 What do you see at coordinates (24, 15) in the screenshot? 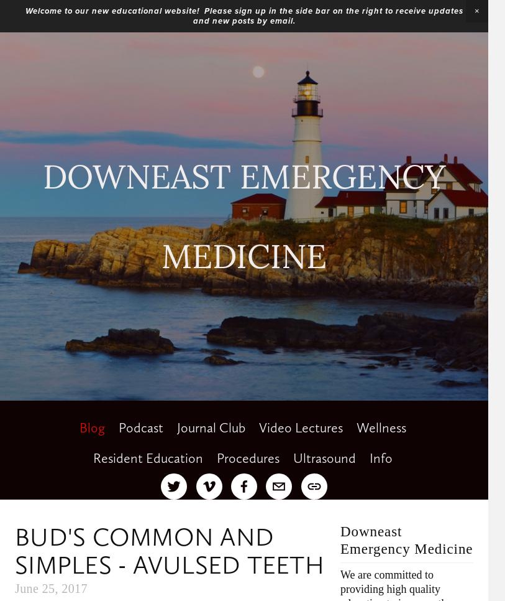
I see `'Welcome to our new educational website!  Please sign up in the side bar on the right to receive updates and new posts by email.'` at bounding box center [24, 15].